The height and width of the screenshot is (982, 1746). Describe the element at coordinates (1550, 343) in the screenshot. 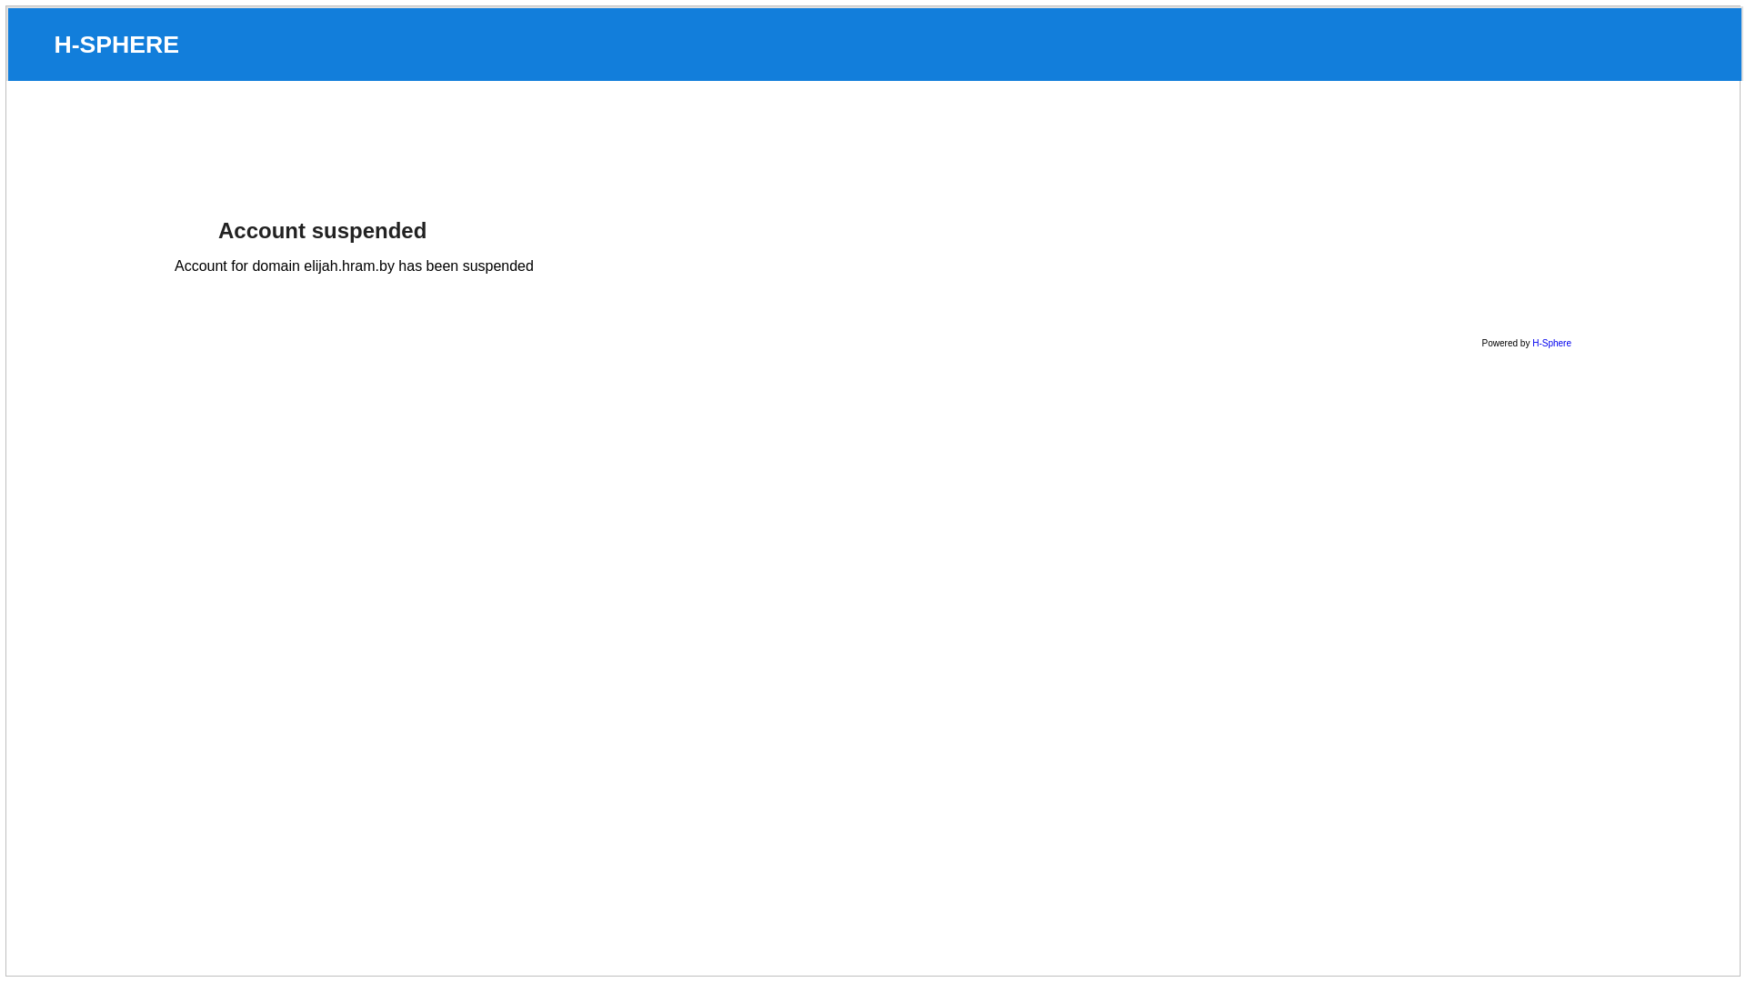

I see `'H-Sphere'` at that location.